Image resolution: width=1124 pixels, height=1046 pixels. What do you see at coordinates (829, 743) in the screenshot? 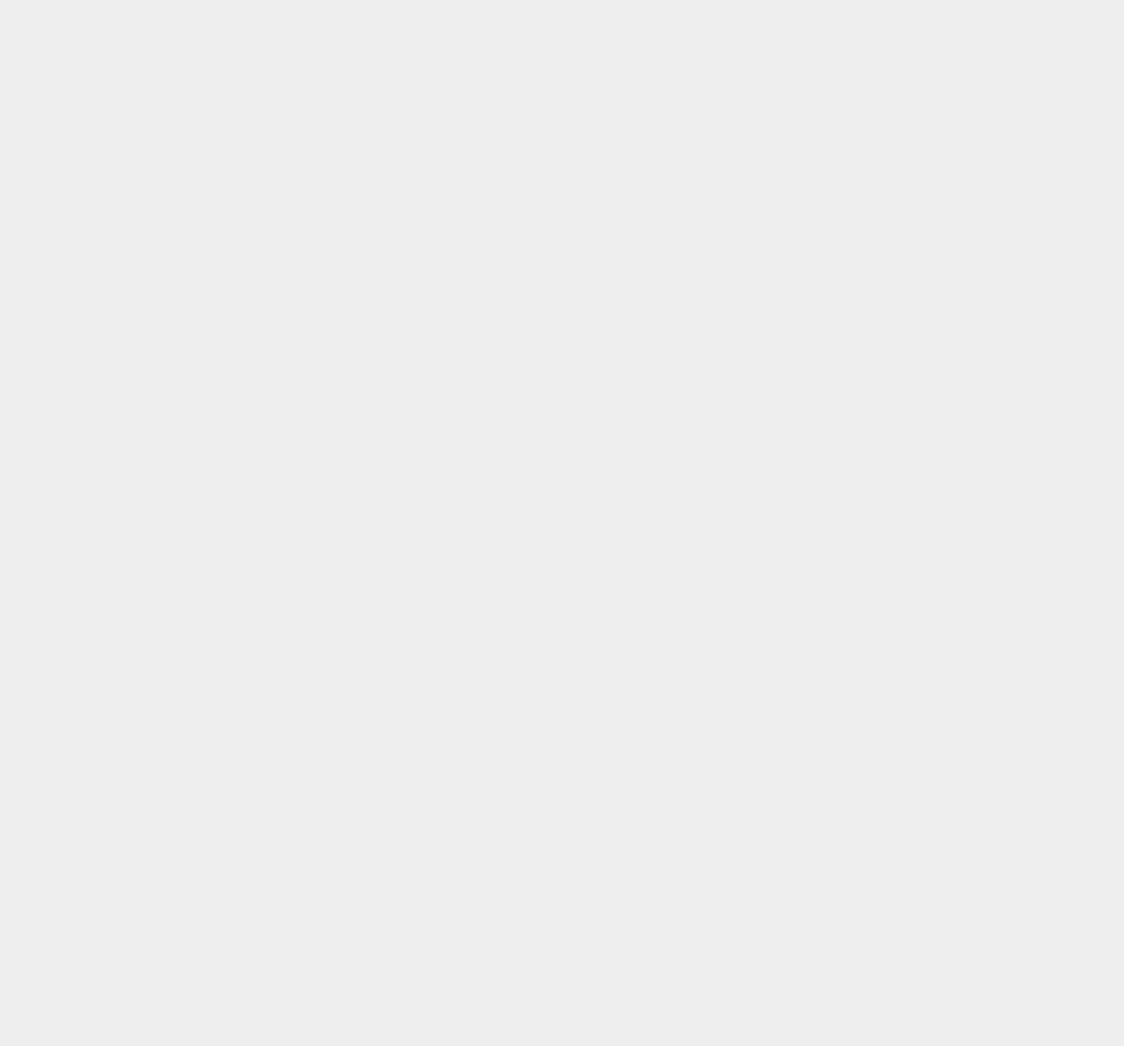
I see `'eCommerce'` at bounding box center [829, 743].